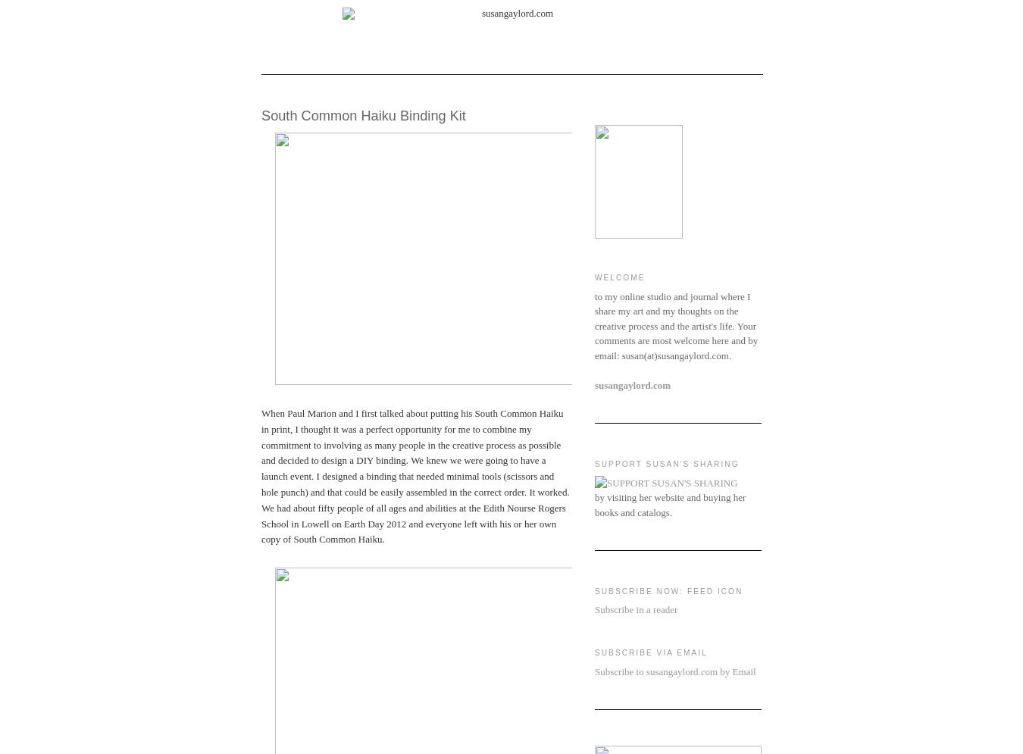 This screenshot has width=1023, height=754. Describe the element at coordinates (667, 462) in the screenshot. I see `'SUPPORT SUSAN'S SHARING'` at that location.